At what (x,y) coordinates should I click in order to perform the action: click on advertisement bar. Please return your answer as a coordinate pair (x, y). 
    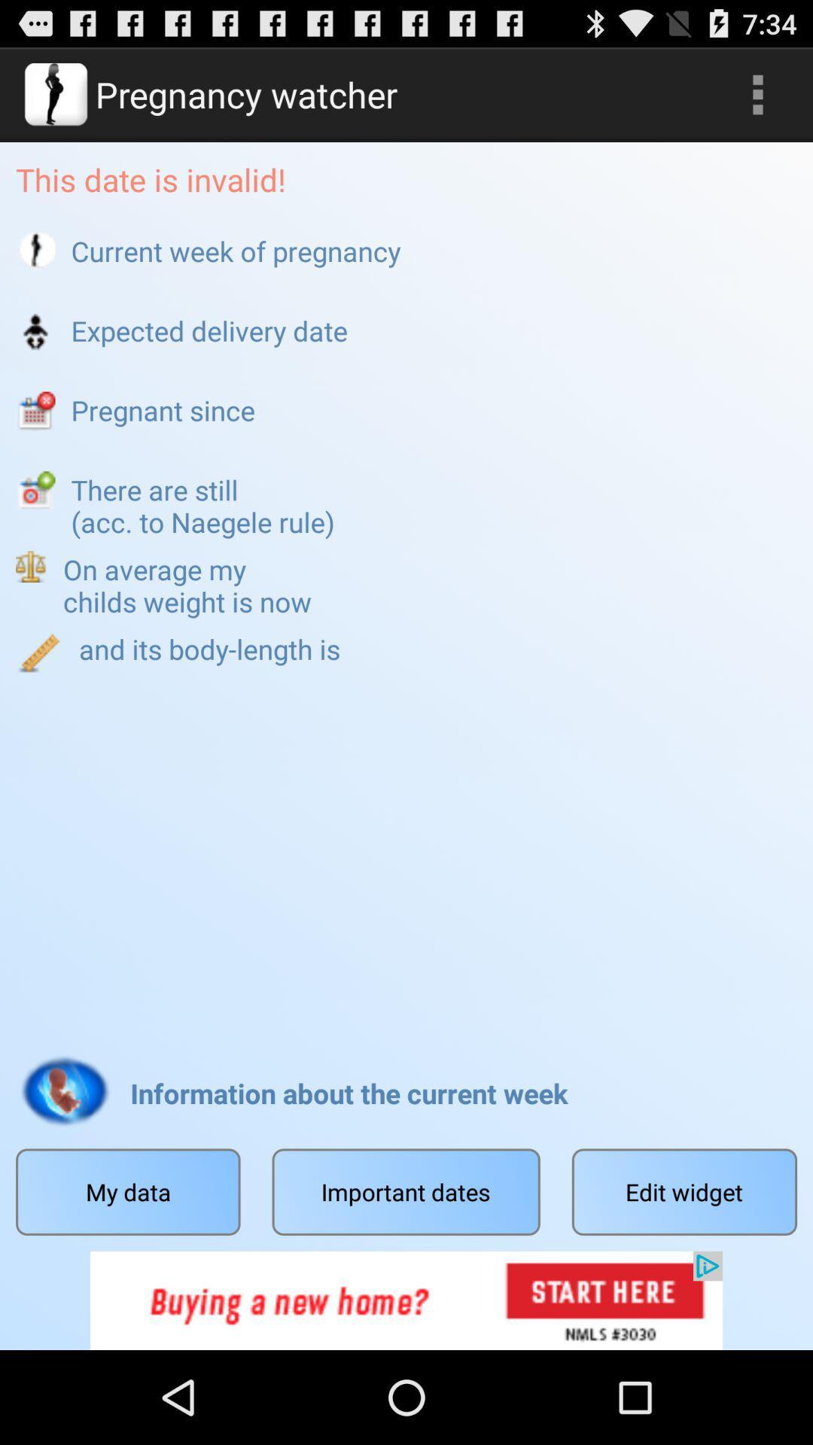
    Looking at the image, I should click on (406, 1300).